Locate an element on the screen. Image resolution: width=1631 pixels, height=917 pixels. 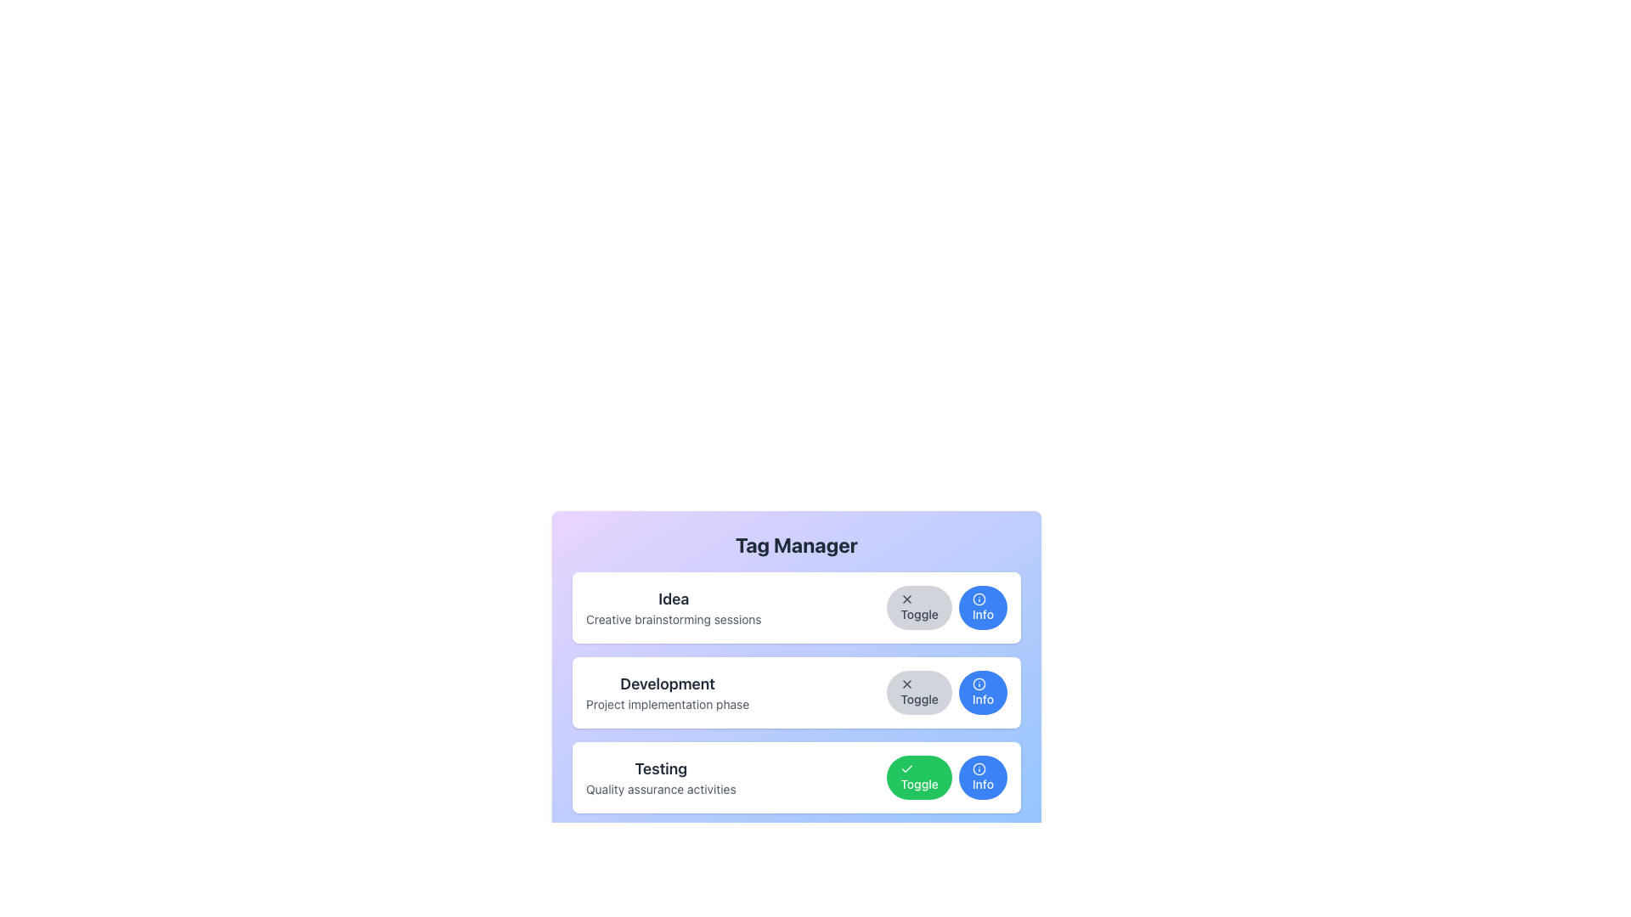
the text label that reads 'Development' and 'Project implementation phase', which is part of the second card in the vertical stack of cards is located at coordinates (667, 693).